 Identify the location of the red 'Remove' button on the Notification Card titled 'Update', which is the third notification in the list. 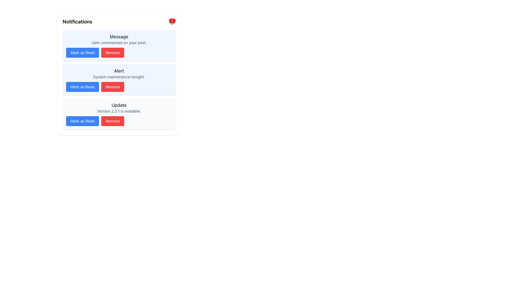
(119, 113).